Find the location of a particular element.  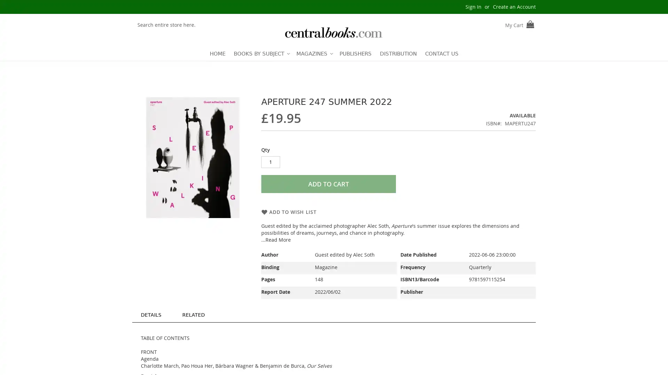

Next is located at coordinates (239, 158).